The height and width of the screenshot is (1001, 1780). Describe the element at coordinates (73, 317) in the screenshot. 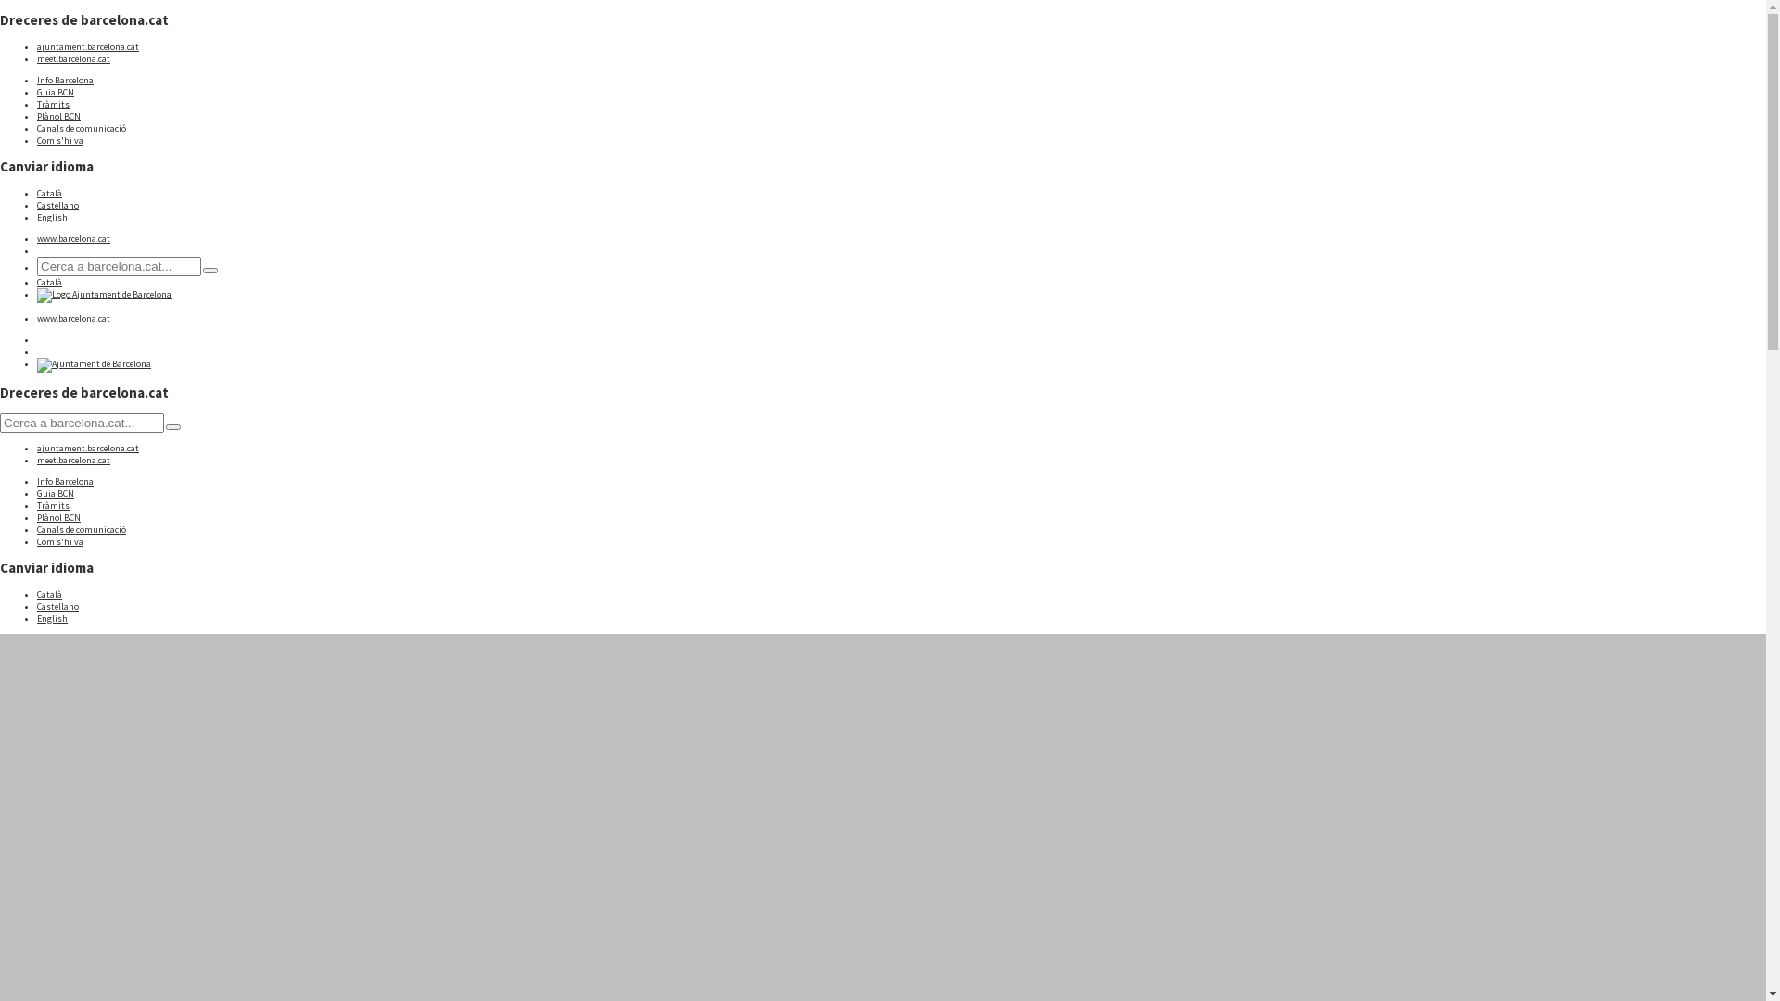

I see `'www.barcelona.cat'` at that location.